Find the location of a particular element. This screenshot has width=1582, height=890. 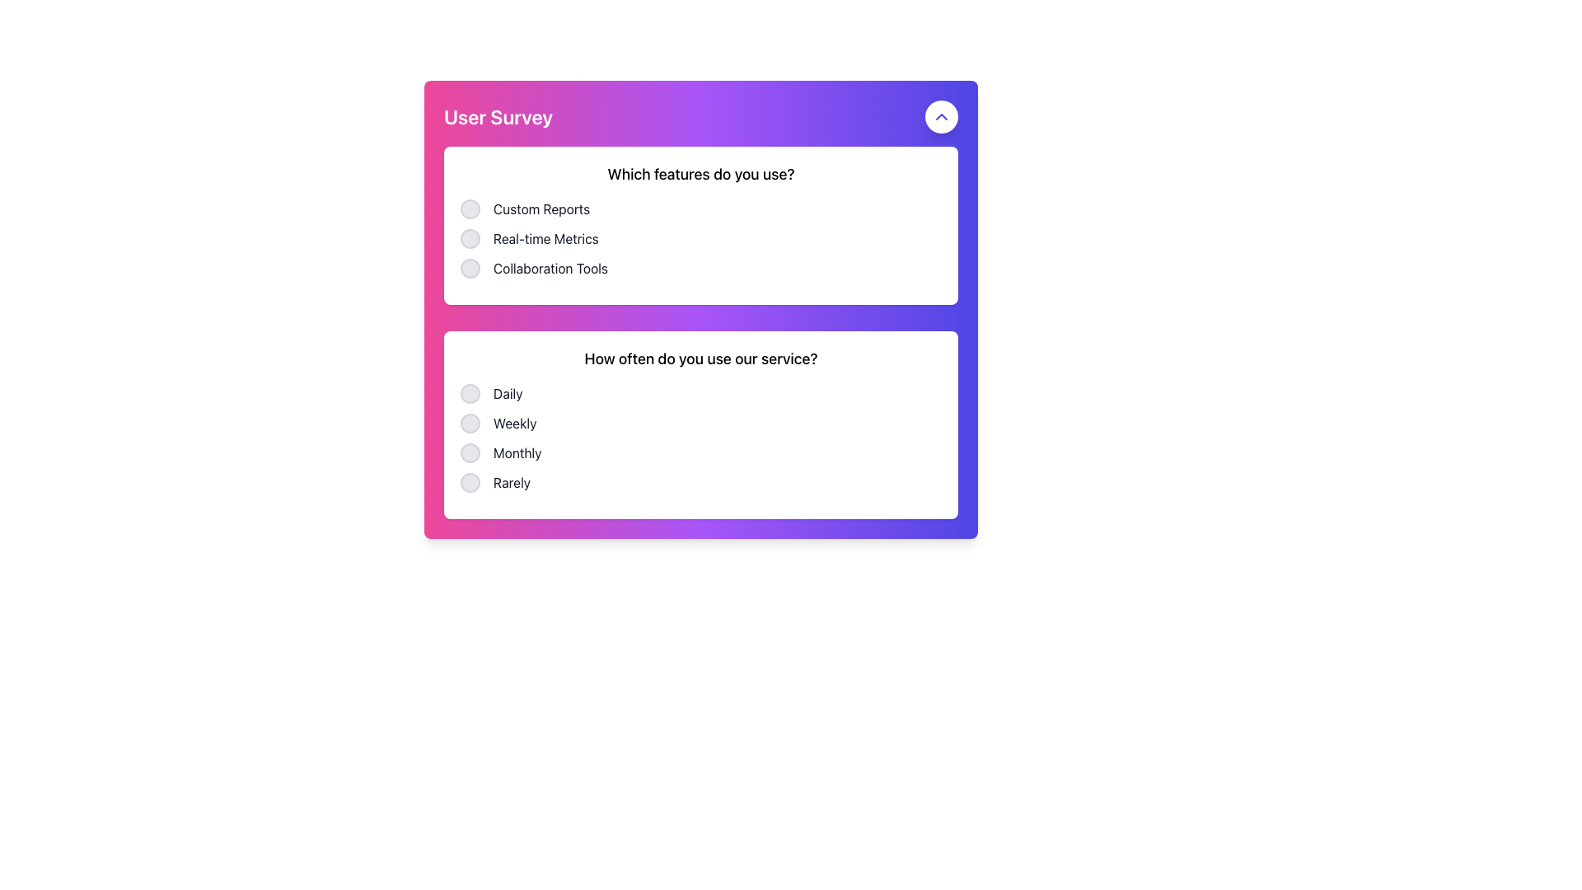

to select the 'Collaboration Tools' option from the selectable list item under the section titled 'Which features do you use?' is located at coordinates (700, 268).